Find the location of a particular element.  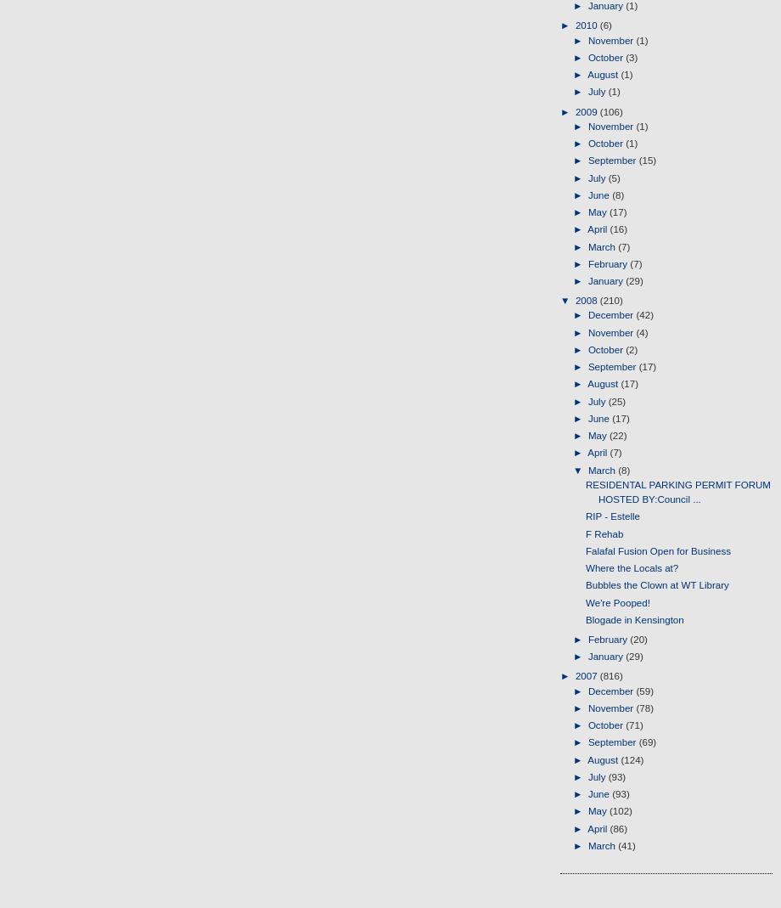

'2010' is located at coordinates (587, 25).